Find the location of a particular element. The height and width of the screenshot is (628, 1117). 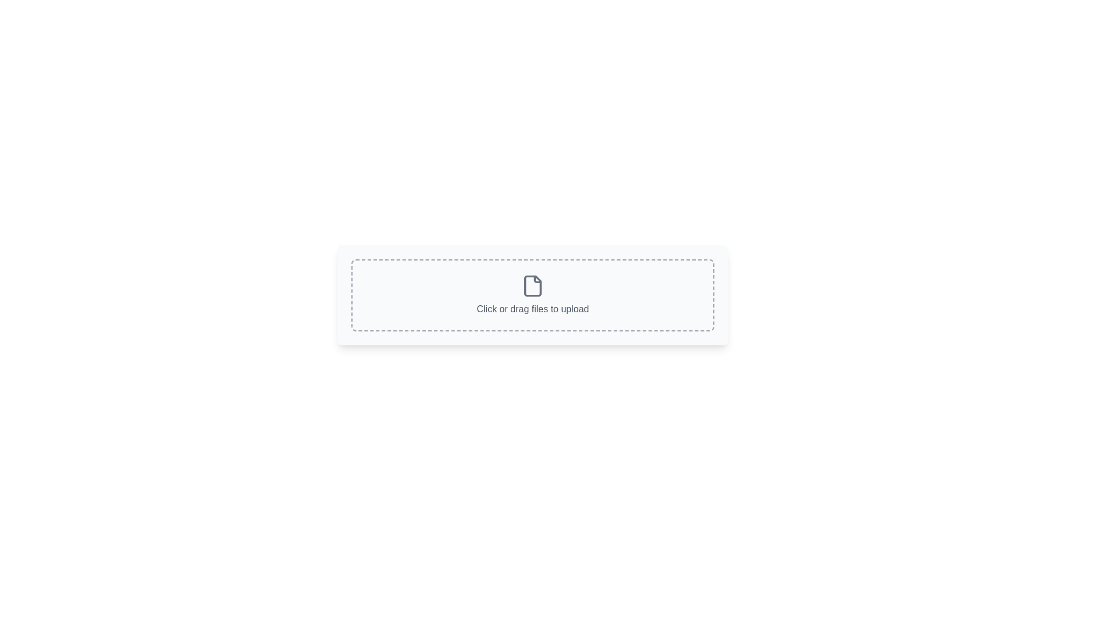

the Interactive file upload component labeled 'Click or drag files to upload' is located at coordinates (532, 295).